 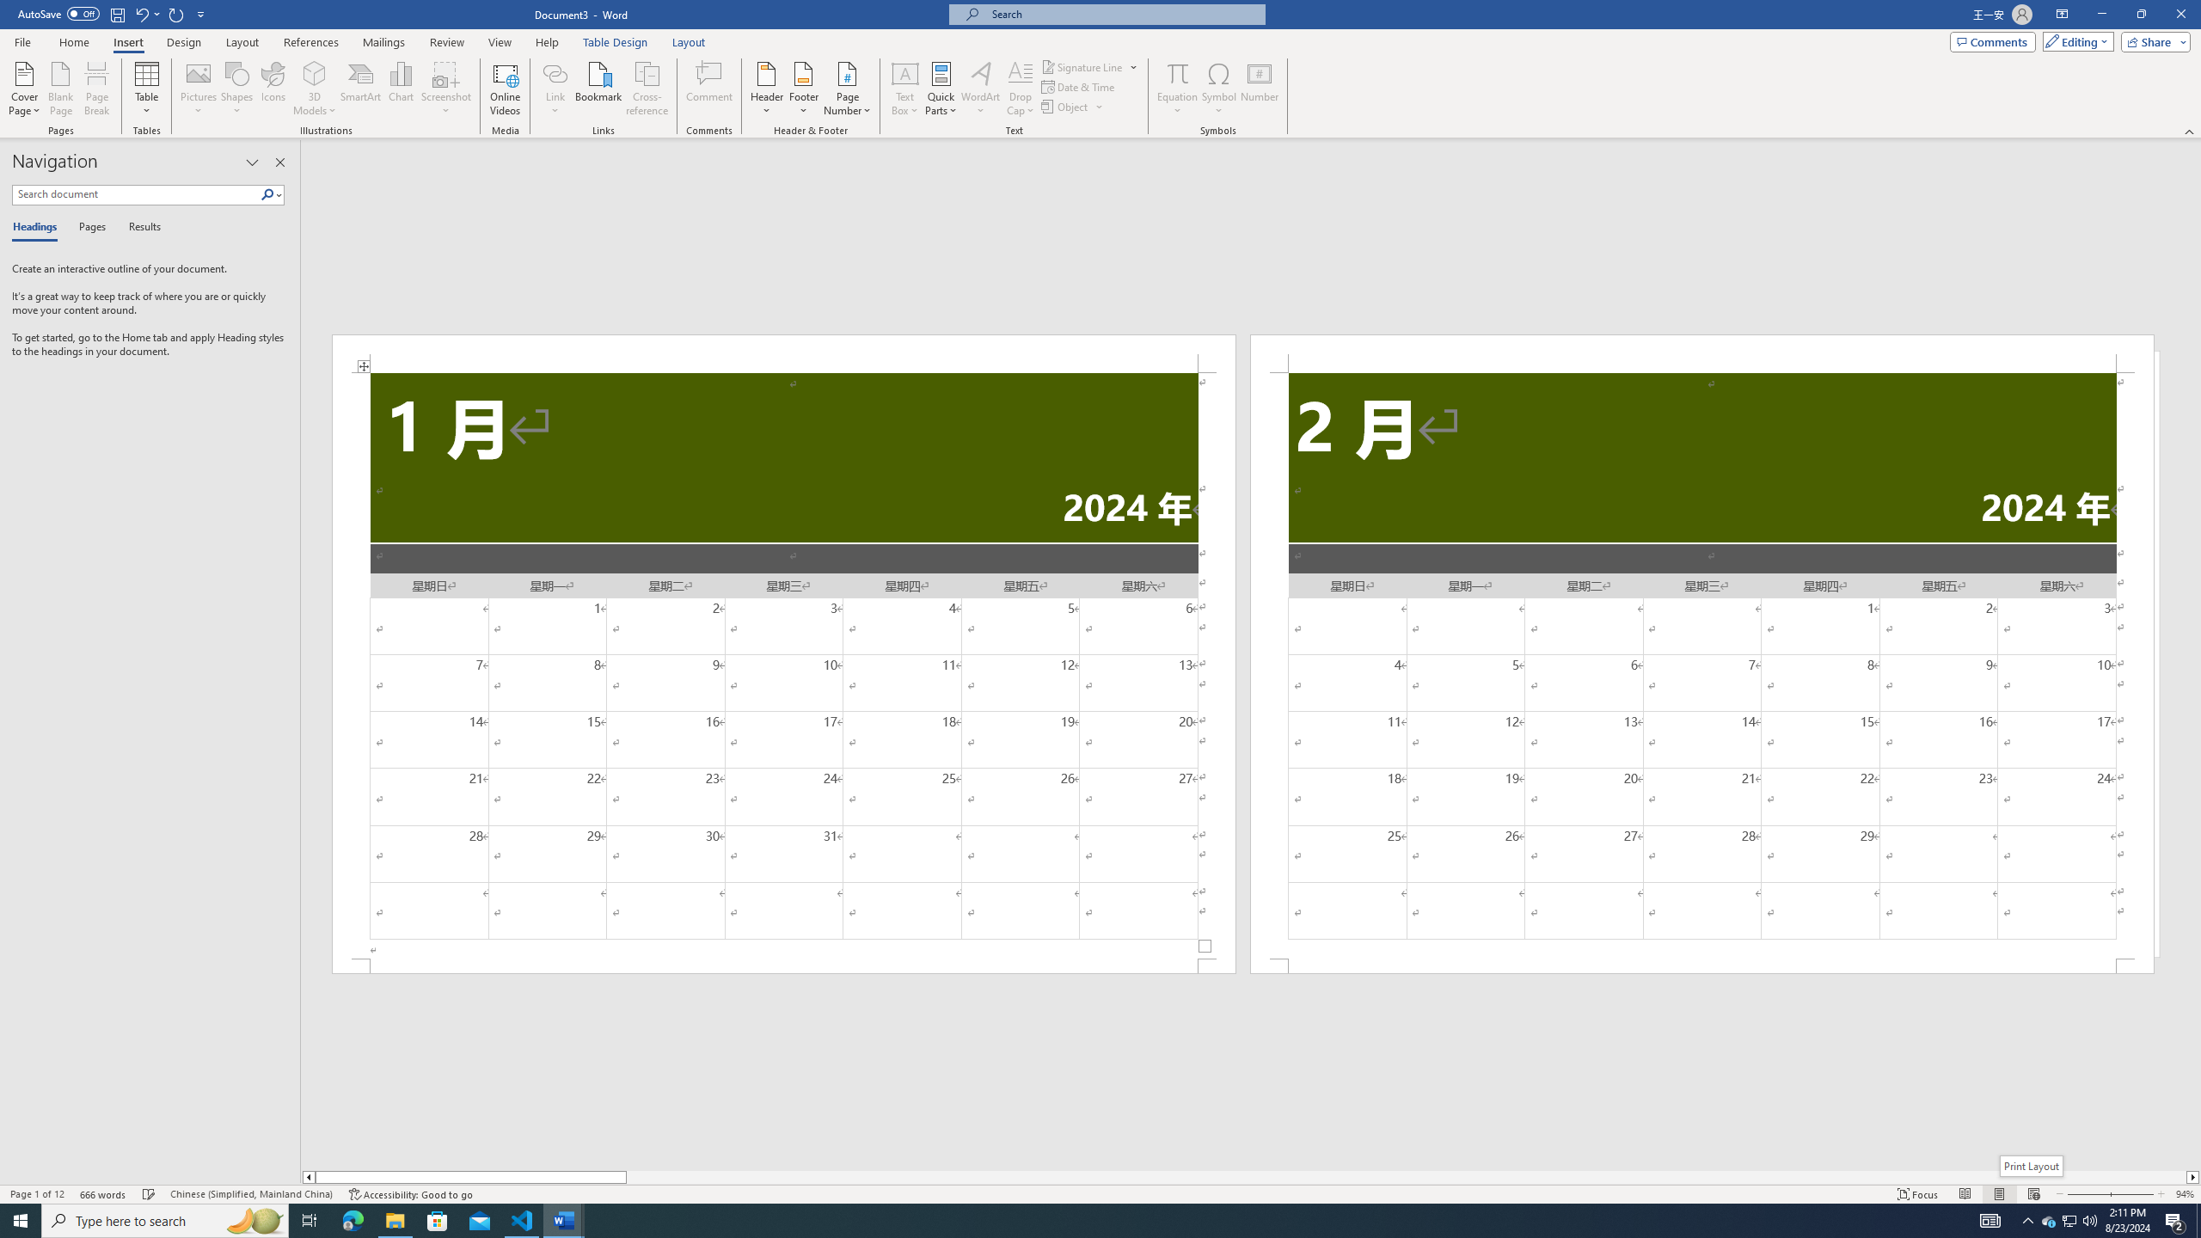 I want to click on 'Header', so click(x=767, y=89).